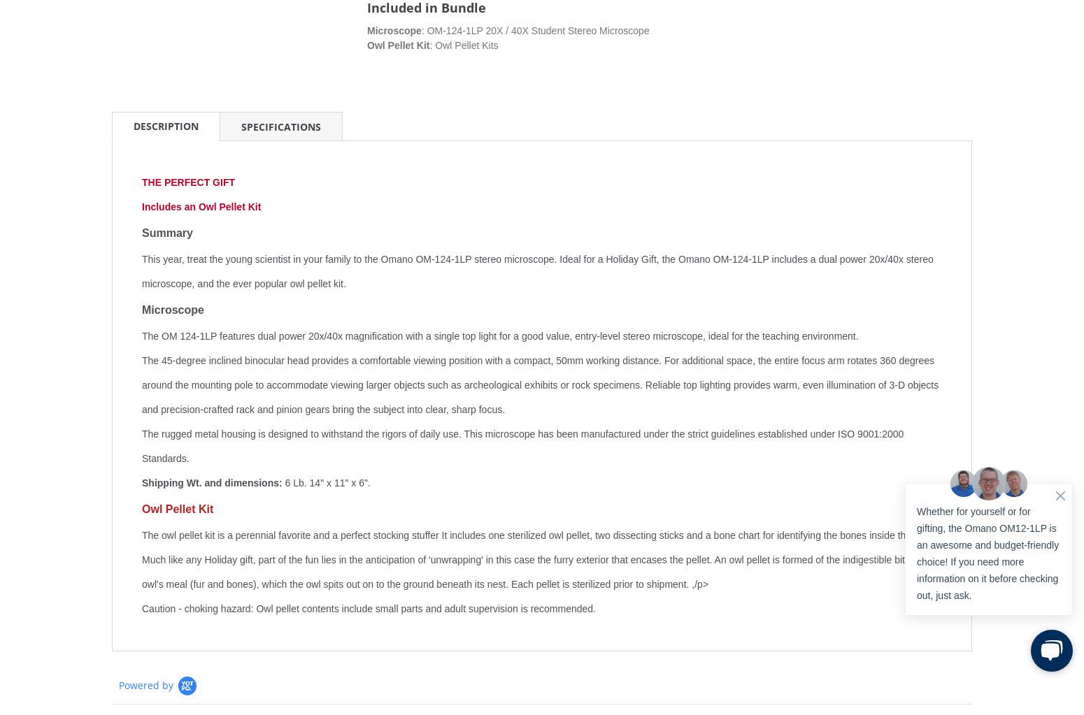  What do you see at coordinates (368, 608) in the screenshot?
I see `'Caution - choking hazard: Owl pellet contents include small parts and adult supervision is recommended.'` at bounding box center [368, 608].